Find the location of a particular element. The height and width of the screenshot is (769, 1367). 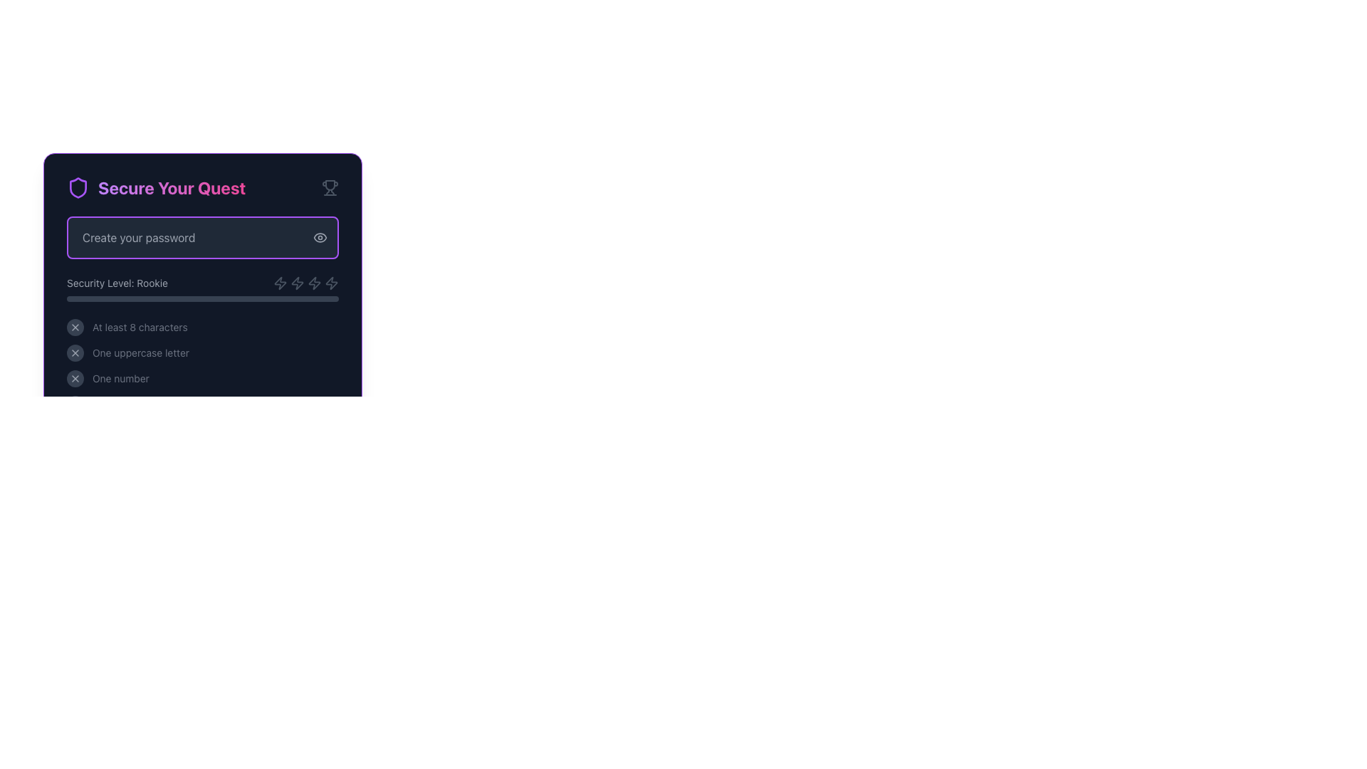

the lightning icons displayed in the informational indicator that shows the security level of the entered password, located beneath the password input field is located at coordinates (201, 283).